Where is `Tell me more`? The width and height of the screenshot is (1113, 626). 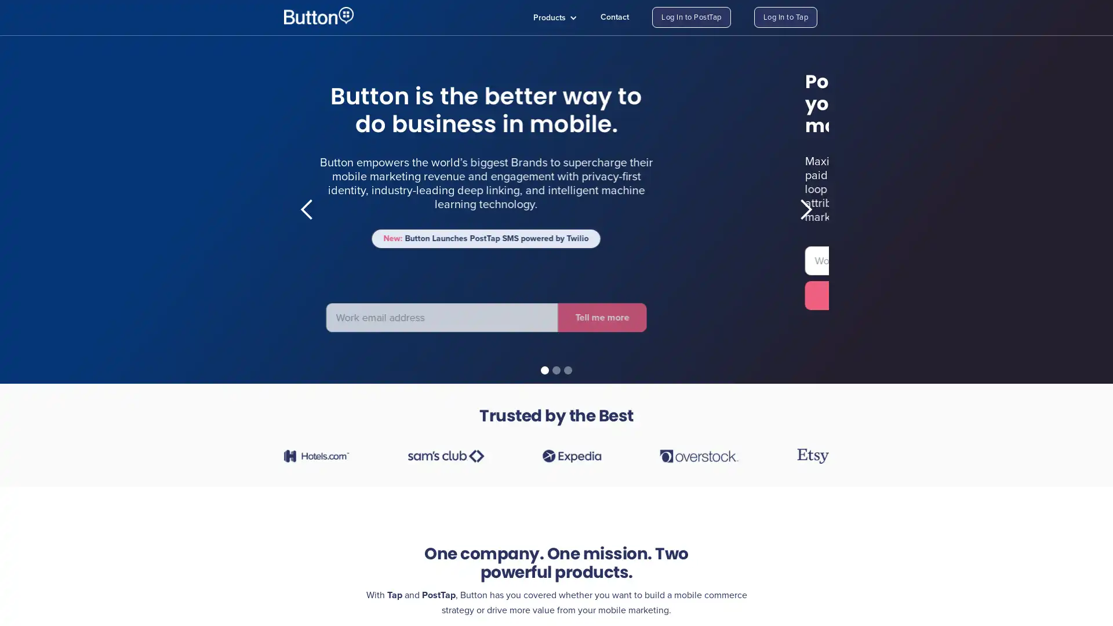
Tell me more is located at coordinates (127, 303).